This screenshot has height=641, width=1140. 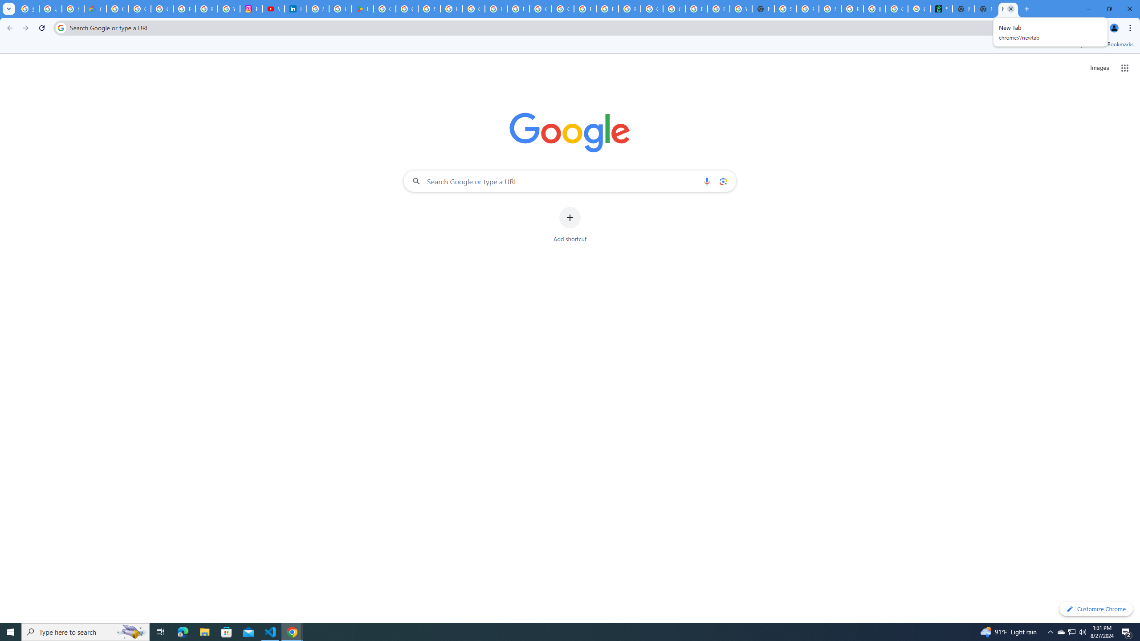 I want to click on 'Search by image', so click(x=722, y=180).